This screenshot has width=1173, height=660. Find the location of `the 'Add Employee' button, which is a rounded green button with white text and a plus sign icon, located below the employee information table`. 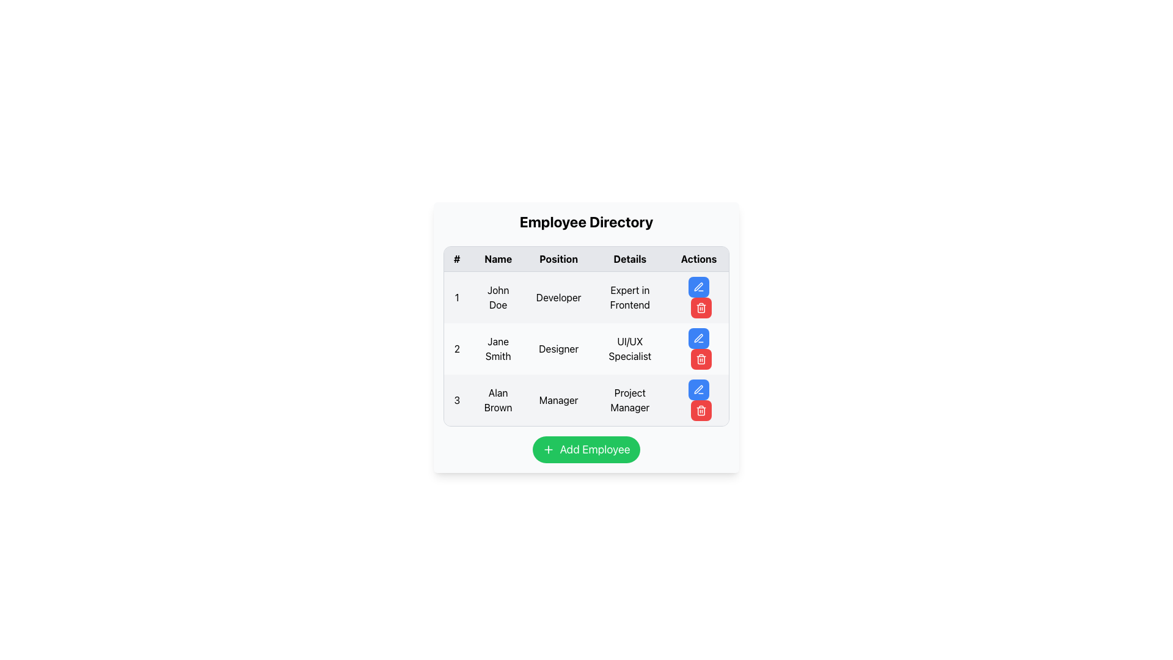

the 'Add Employee' button, which is a rounded green button with white text and a plus sign icon, located below the employee information table is located at coordinates (586, 450).